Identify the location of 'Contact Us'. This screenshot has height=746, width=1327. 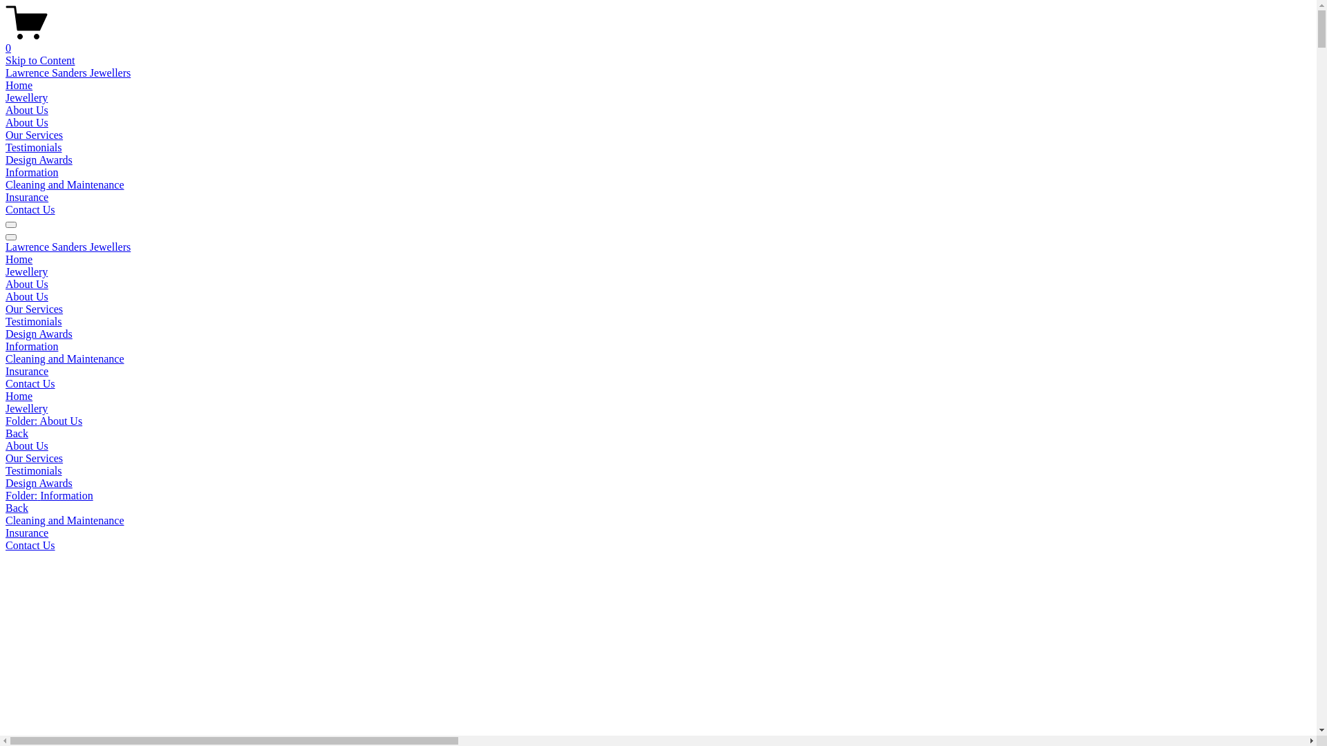
(30, 209).